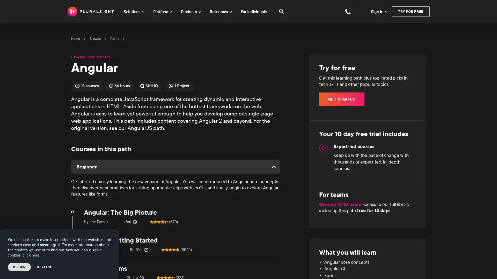 This screenshot has width=497, height=279. I want to click on ALLOW, so click(19, 267).